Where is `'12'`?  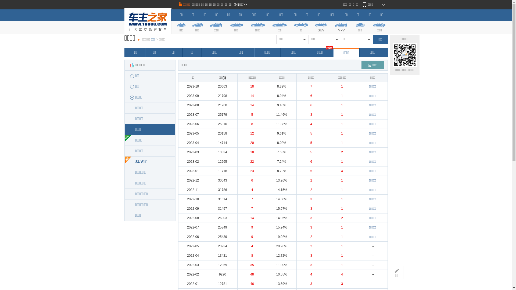
'12' is located at coordinates (252, 133).